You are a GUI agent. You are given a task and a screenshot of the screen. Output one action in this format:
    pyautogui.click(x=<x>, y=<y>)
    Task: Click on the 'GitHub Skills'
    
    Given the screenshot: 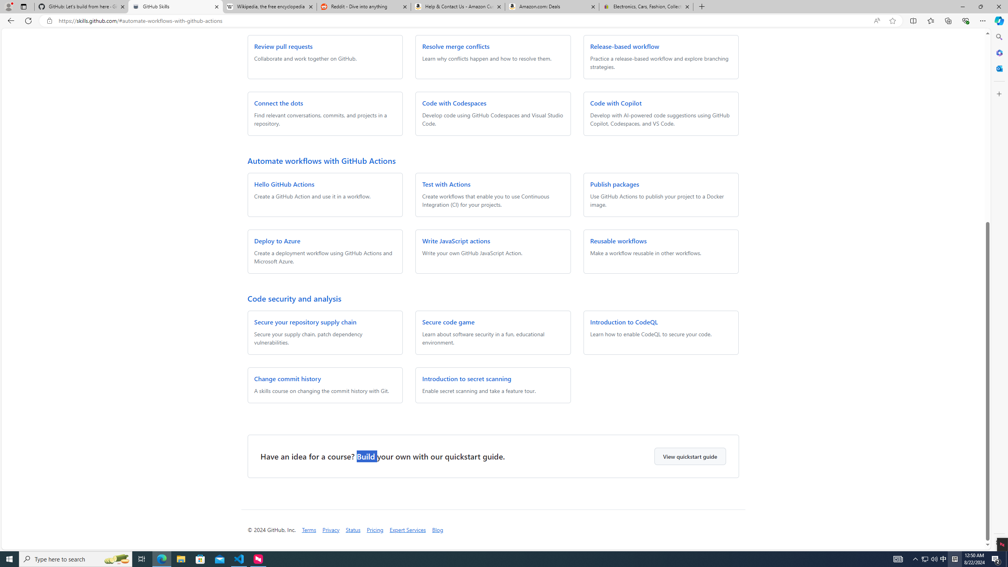 What is the action you would take?
    pyautogui.click(x=175, y=6)
    